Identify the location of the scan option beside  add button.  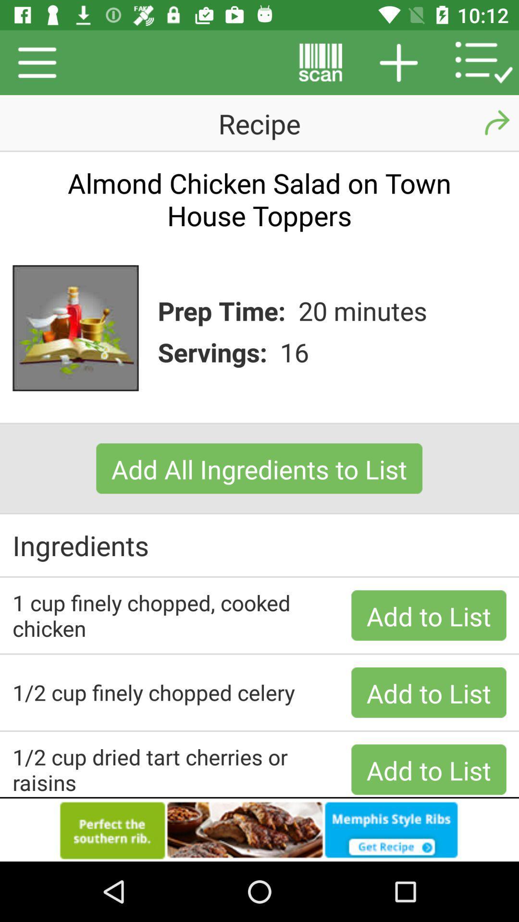
(321, 62).